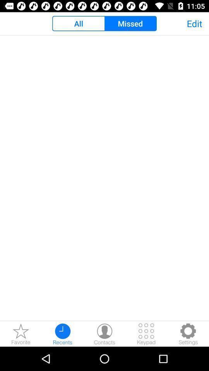 The height and width of the screenshot is (371, 209). Describe the element at coordinates (146, 334) in the screenshot. I see `it is used for typing` at that location.